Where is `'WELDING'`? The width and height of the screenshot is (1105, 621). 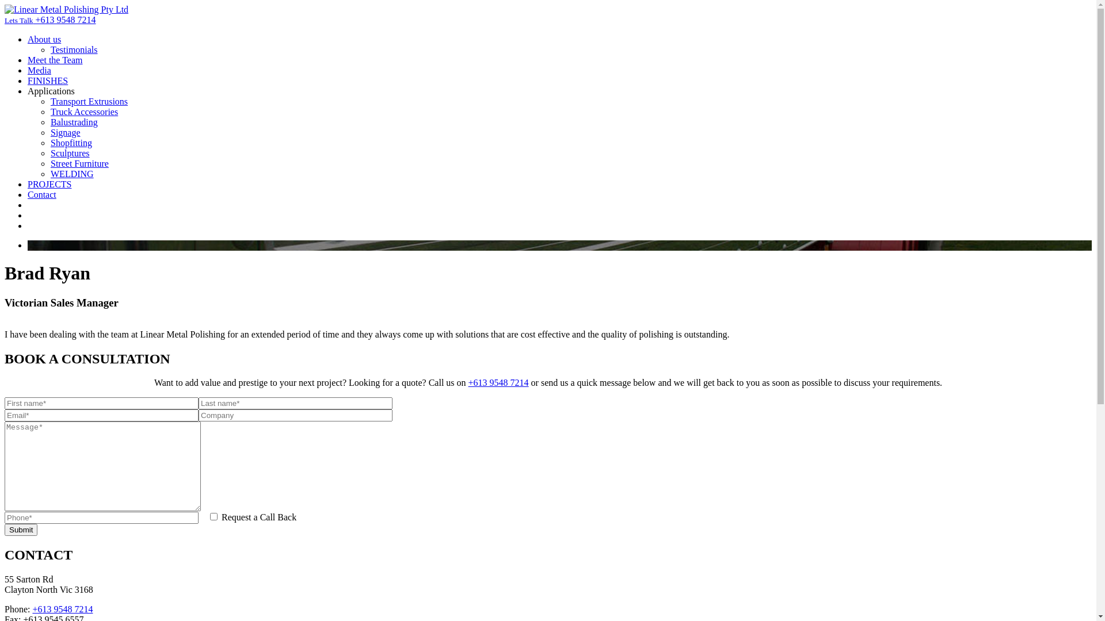
'WELDING' is located at coordinates (49, 174).